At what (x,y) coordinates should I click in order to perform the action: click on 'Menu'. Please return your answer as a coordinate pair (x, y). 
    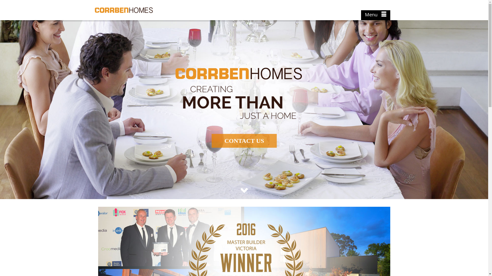
    Looking at the image, I should click on (375, 15).